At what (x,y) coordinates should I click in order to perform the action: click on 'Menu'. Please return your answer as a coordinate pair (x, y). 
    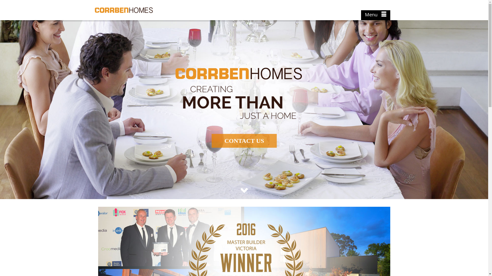
    Looking at the image, I should click on (375, 15).